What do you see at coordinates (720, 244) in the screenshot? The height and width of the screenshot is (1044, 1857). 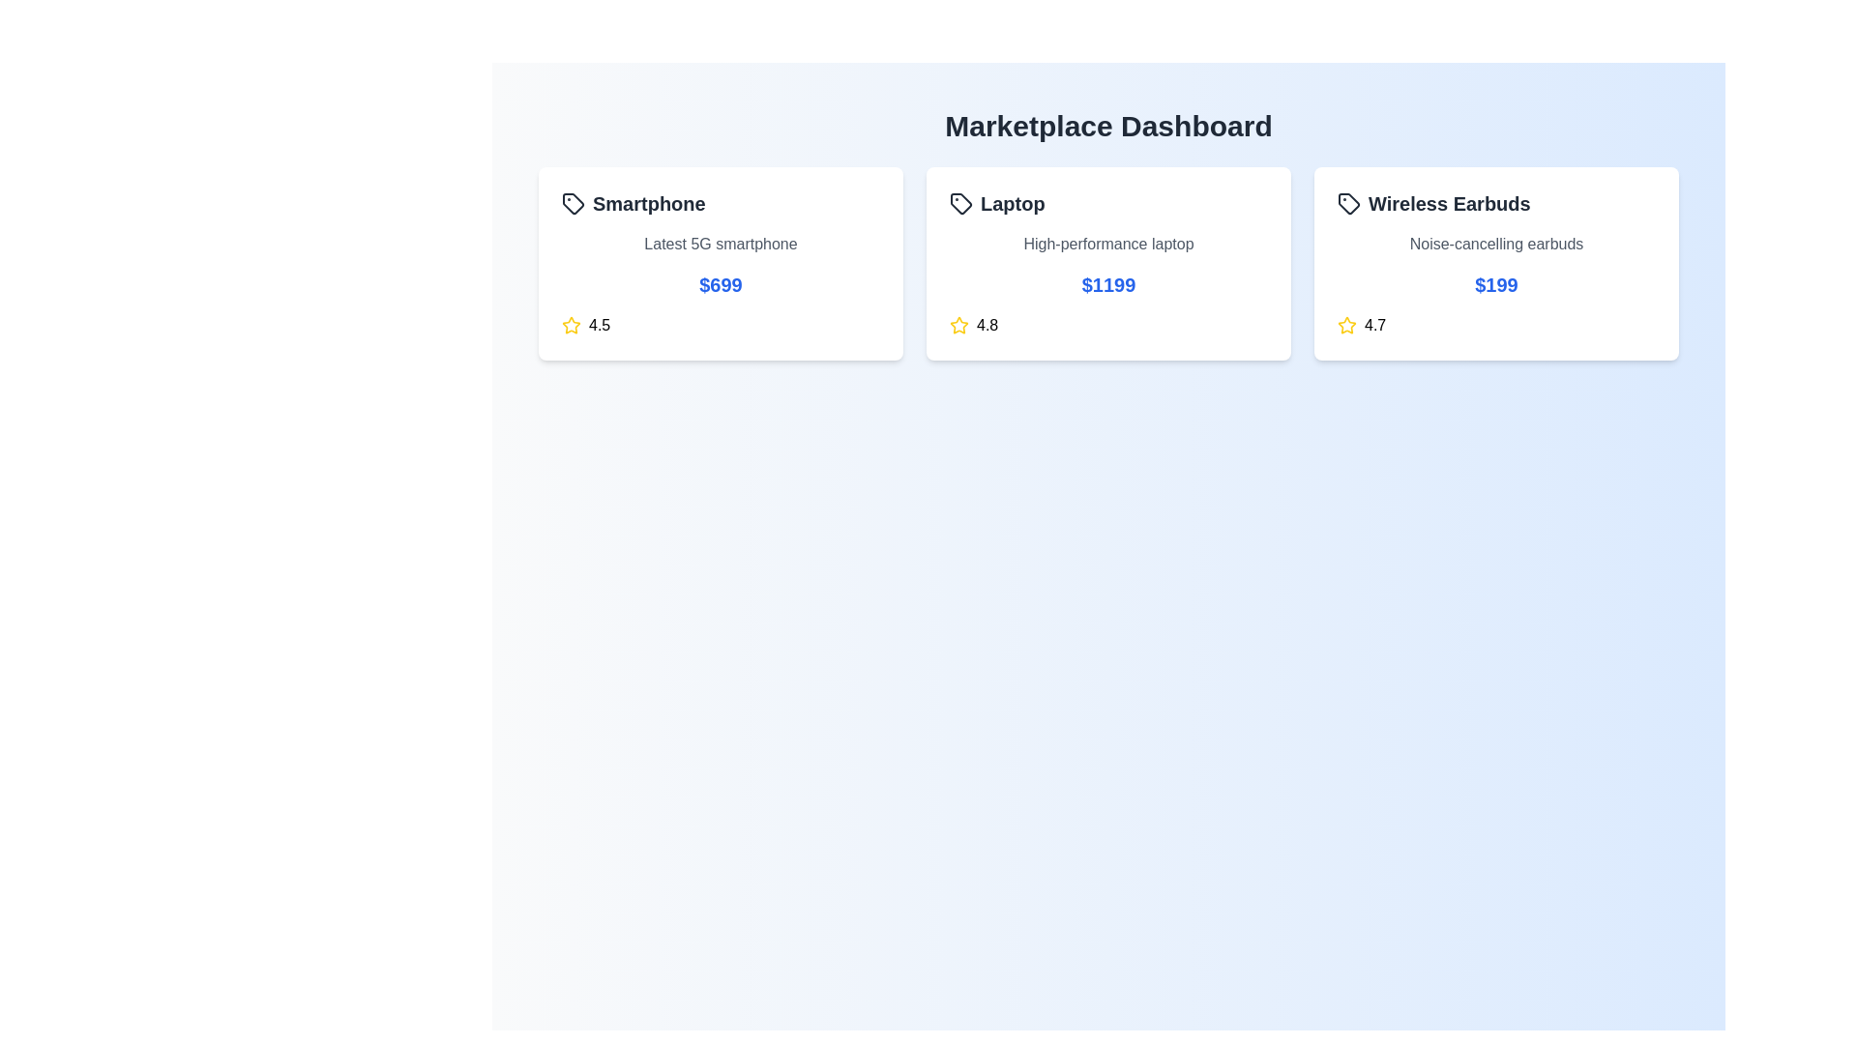 I see `Text label that provides additional information about the 5G capability of the smartphone, positioned beneath the title 'Smartphone' and above the price label` at bounding box center [720, 244].